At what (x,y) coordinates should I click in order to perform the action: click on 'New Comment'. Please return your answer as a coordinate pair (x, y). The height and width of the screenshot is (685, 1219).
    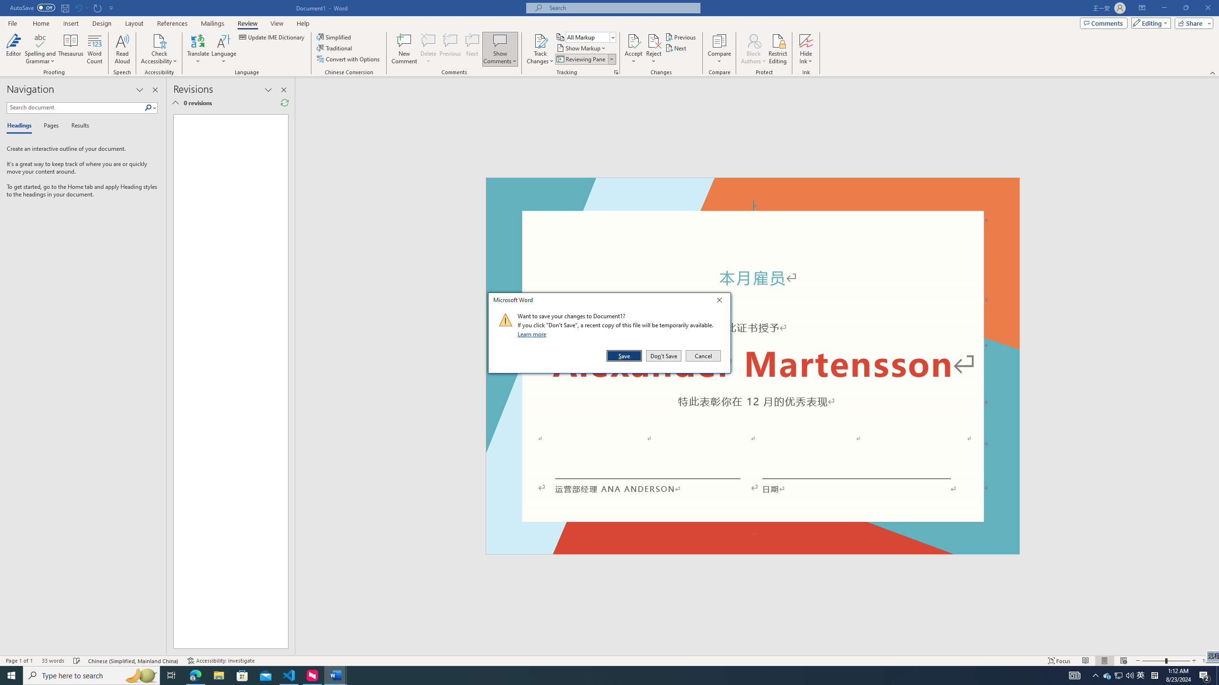
    Looking at the image, I should click on (403, 49).